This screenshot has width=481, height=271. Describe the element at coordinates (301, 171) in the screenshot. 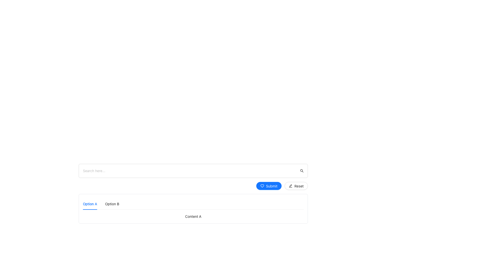

I see `the search icon located at the right edge of the search input bar` at that location.